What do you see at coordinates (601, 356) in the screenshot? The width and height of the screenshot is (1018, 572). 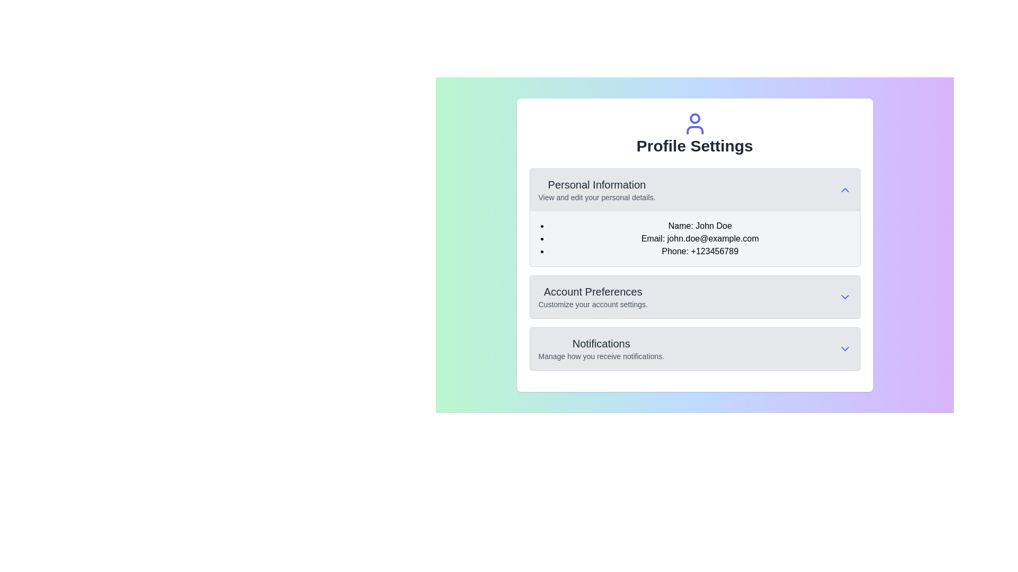 I see `the text label that reads 'Manage how you receive notifications,' which is styled in a smaller gray font and located below the bold 'Notifications' heading` at bounding box center [601, 356].